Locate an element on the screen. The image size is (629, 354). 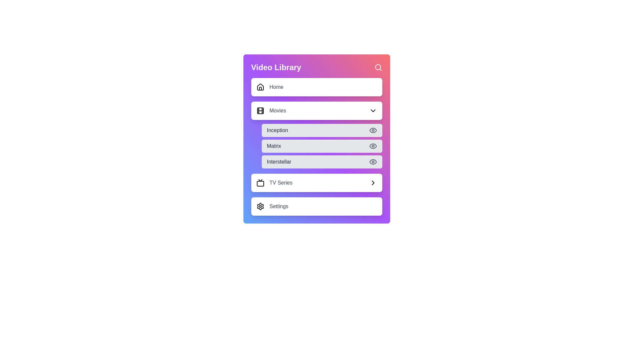
the 'Movies' expandable menu item located in the 'Video Library' menu, which is the second option in a vertical list is located at coordinates (316, 110).